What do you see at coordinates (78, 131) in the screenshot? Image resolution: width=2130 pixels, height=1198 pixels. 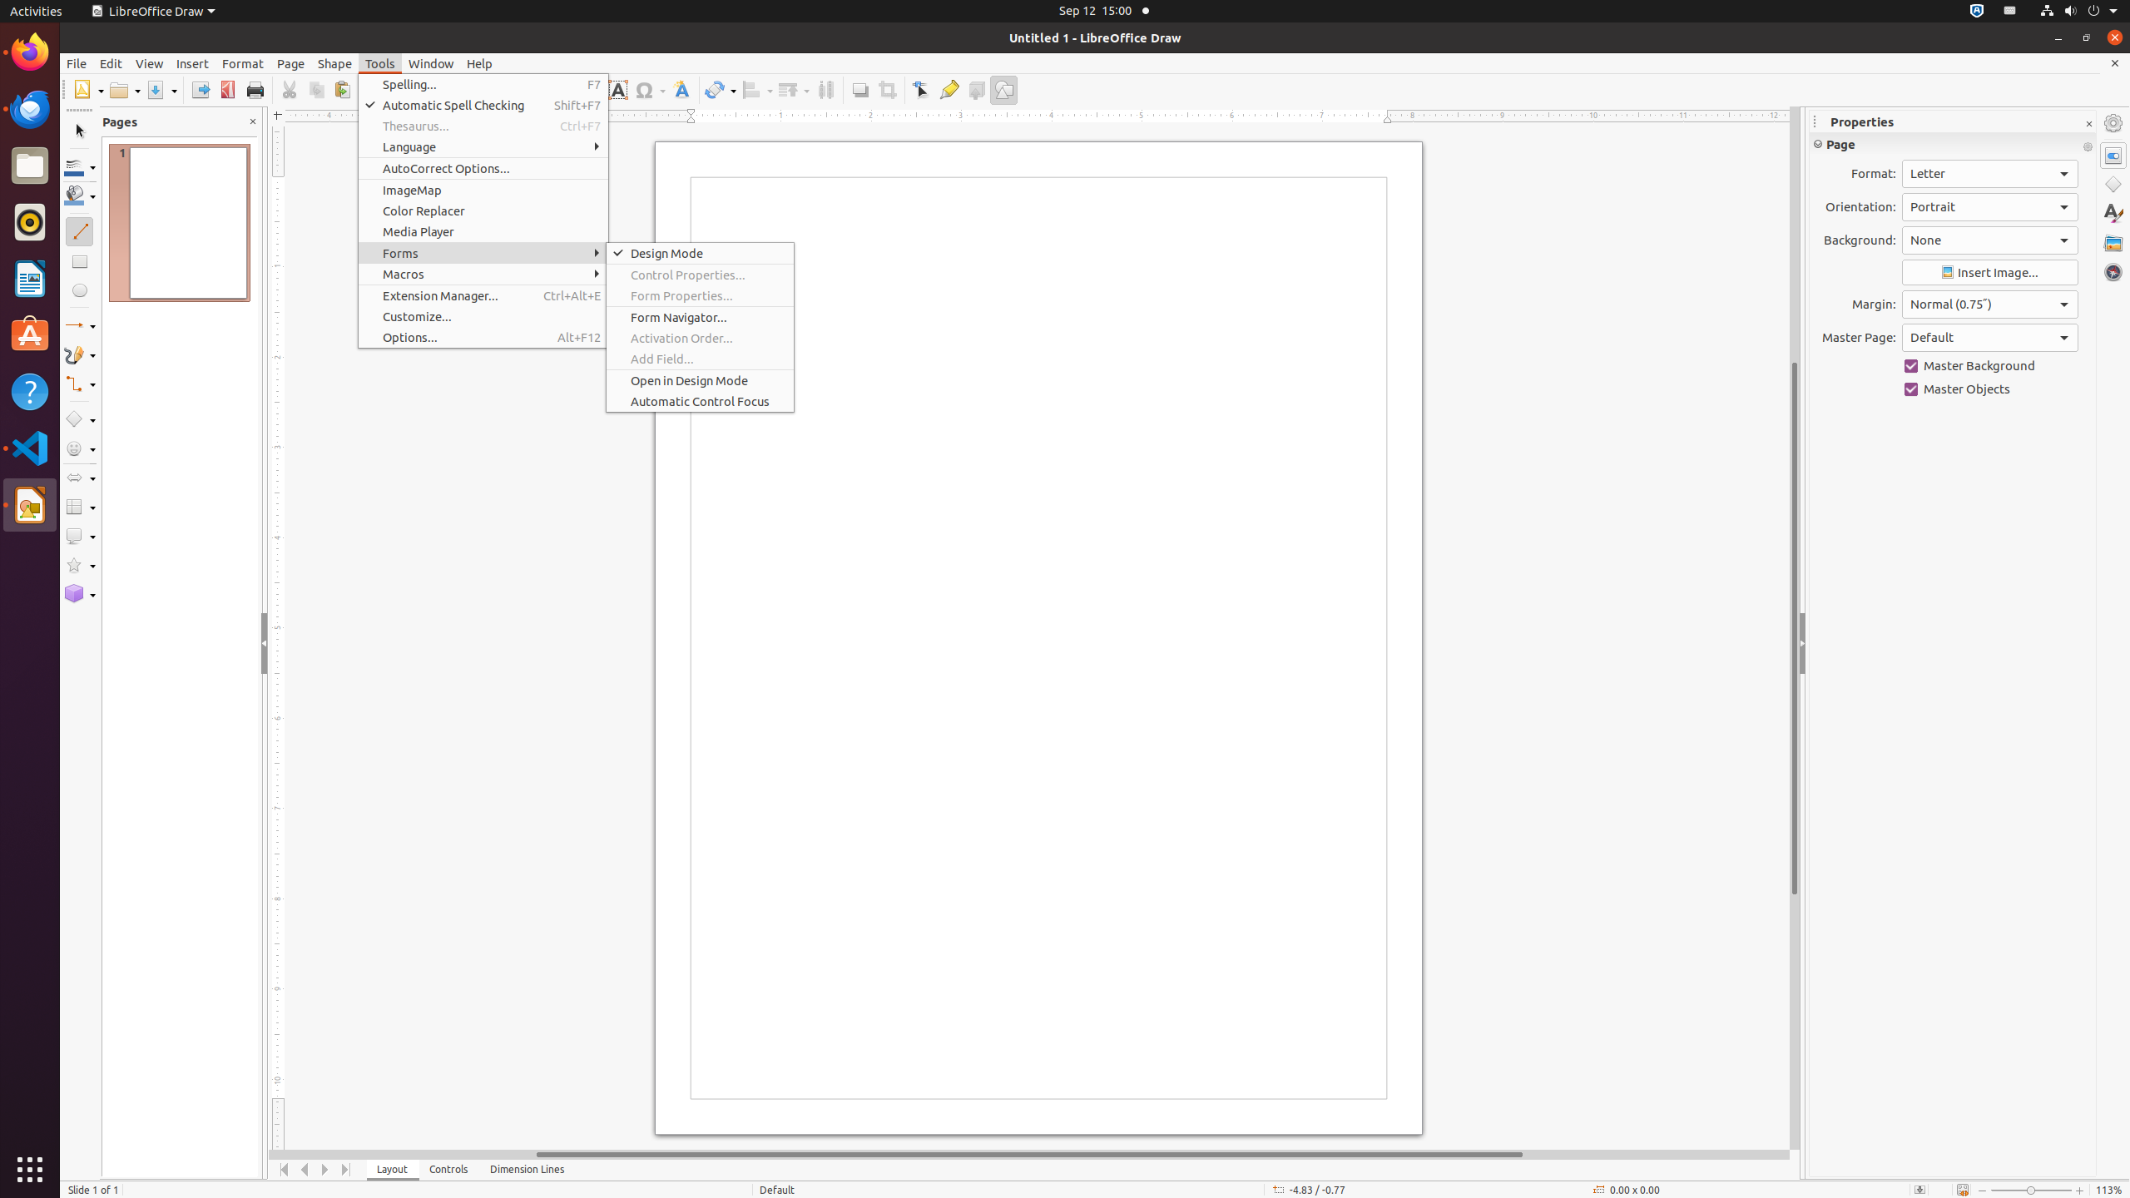 I see `'Select'` at bounding box center [78, 131].